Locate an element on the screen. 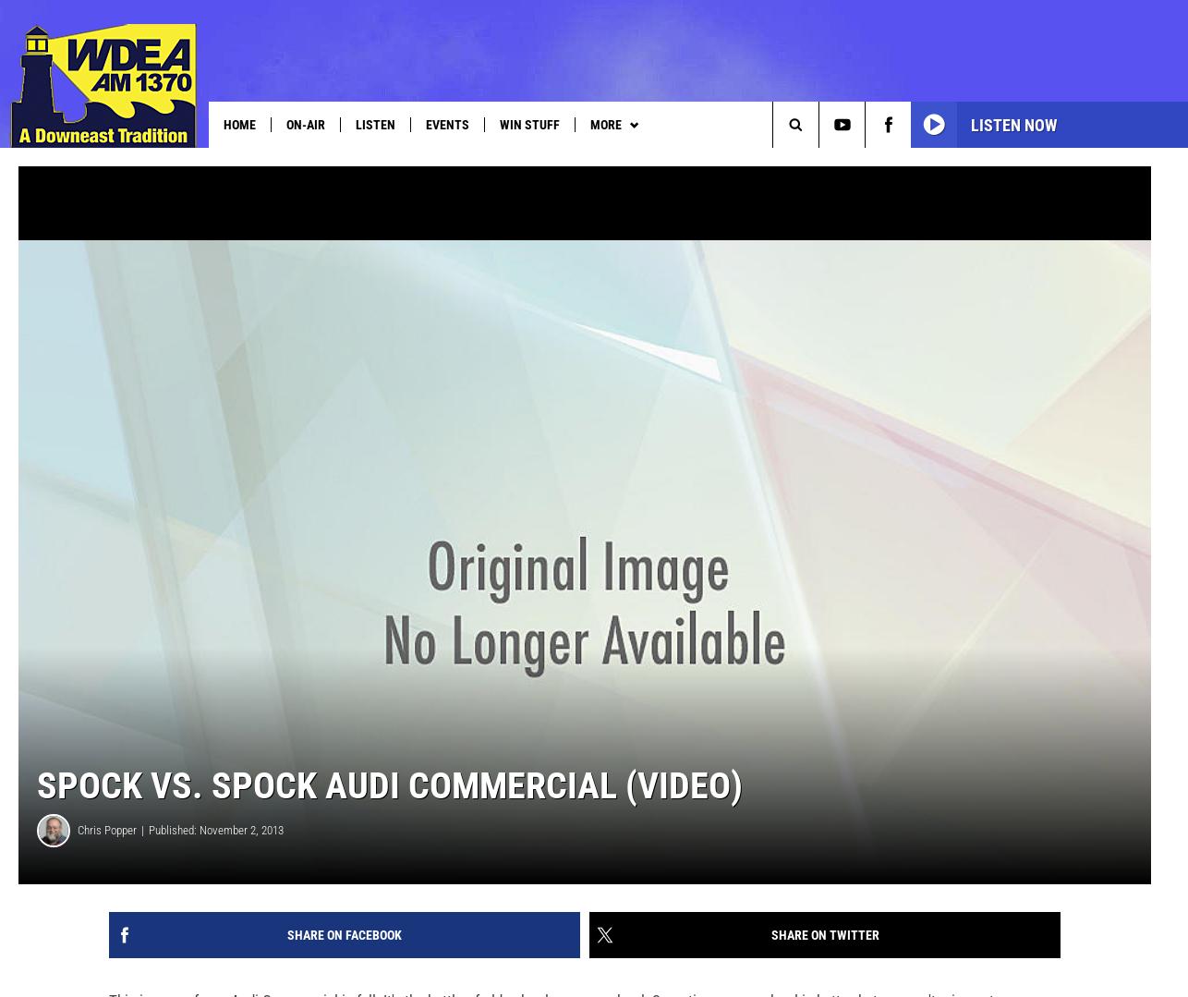 This screenshot has width=1188, height=997. 'Win Stuff' is located at coordinates (528, 123).